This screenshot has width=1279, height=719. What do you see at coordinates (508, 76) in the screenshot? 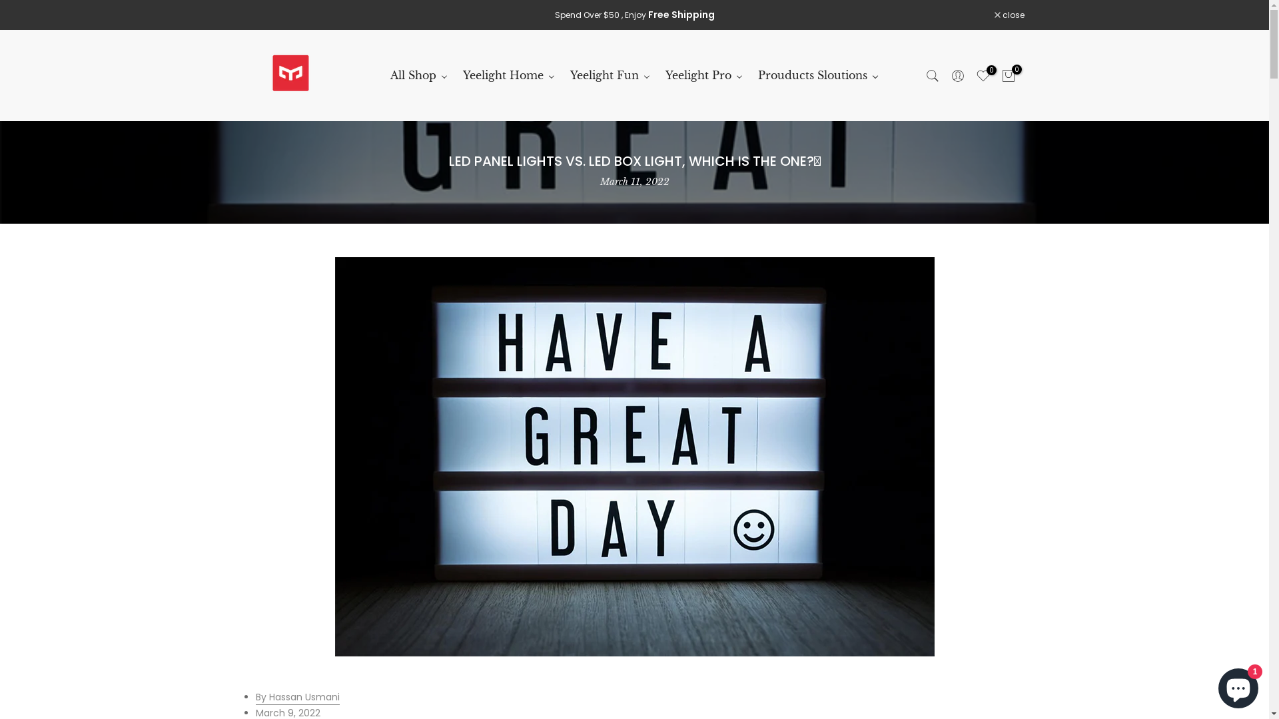
I see `'Yeelight Home'` at bounding box center [508, 76].